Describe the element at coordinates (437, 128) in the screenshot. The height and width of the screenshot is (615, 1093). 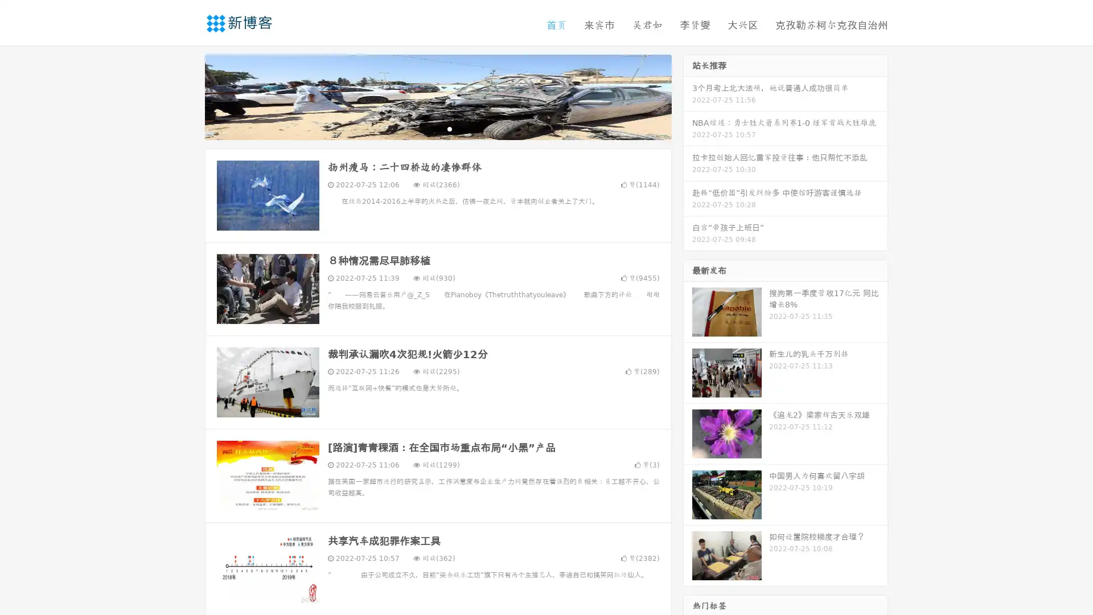
I see `Go to slide 2` at that location.